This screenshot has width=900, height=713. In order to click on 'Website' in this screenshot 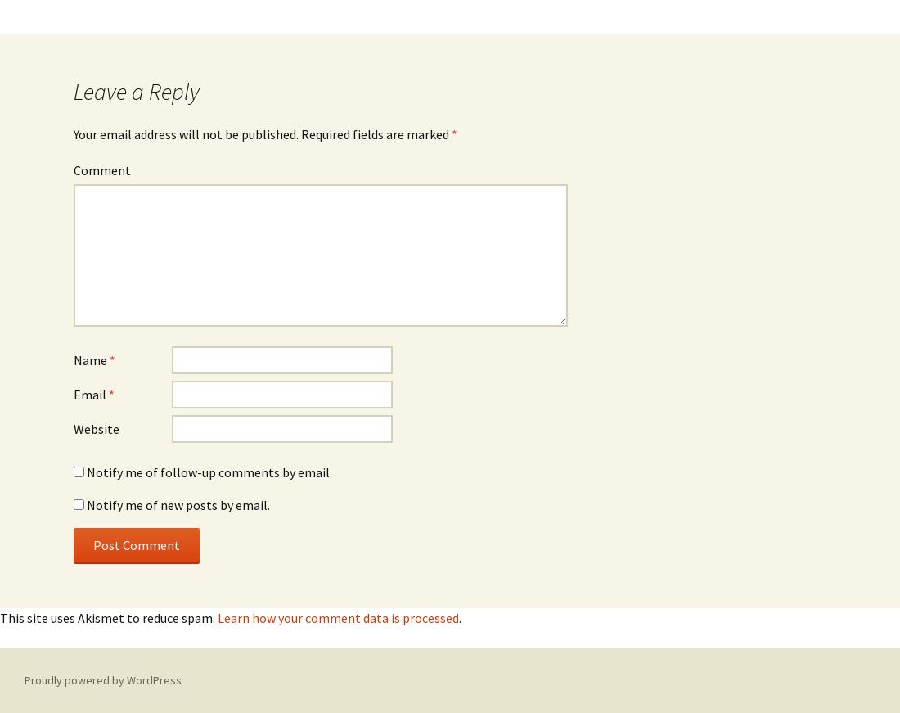, I will do `click(97, 428)`.